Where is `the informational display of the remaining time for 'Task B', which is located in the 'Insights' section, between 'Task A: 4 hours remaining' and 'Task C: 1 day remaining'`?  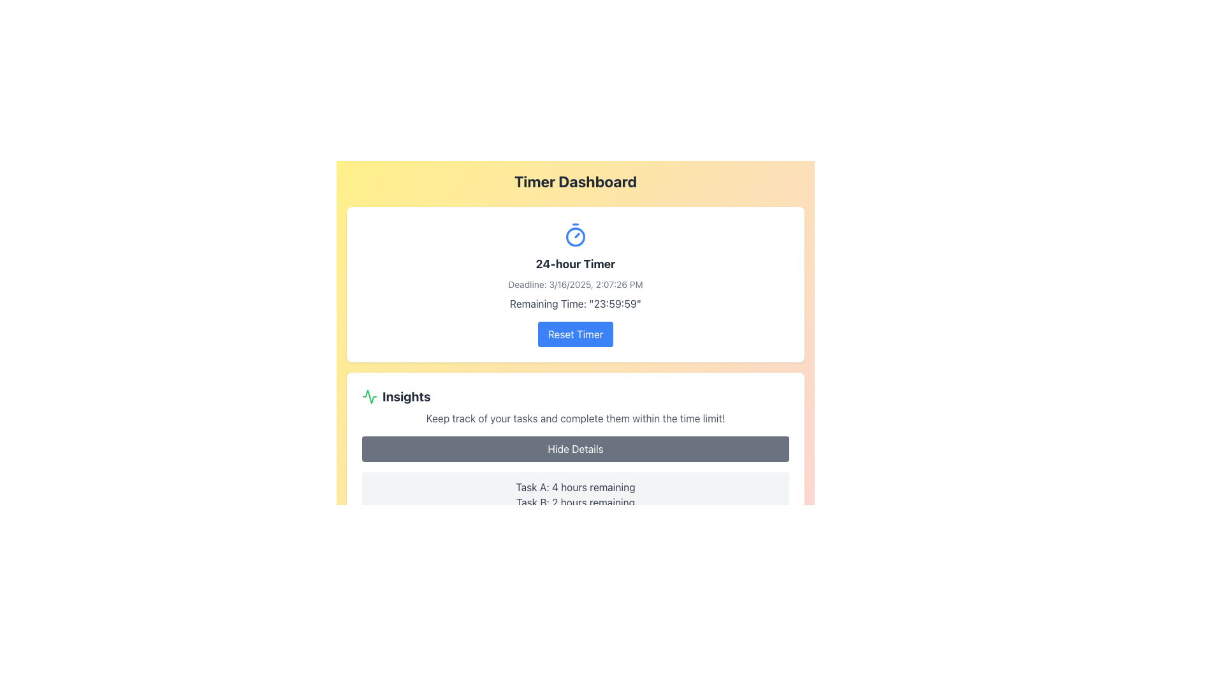
the informational display of the remaining time for 'Task B', which is located in the 'Insights' section, between 'Task A: 4 hours remaining' and 'Task C: 1 day remaining' is located at coordinates (574, 502).